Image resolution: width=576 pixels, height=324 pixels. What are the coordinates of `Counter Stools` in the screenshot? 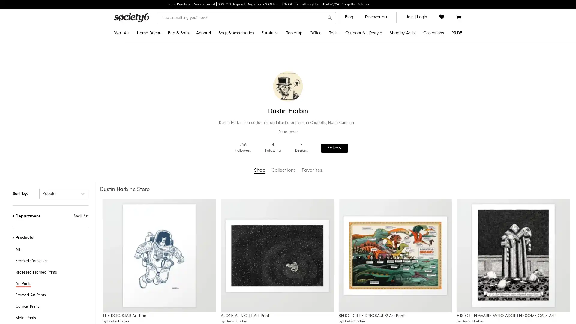 It's located at (280, 77).